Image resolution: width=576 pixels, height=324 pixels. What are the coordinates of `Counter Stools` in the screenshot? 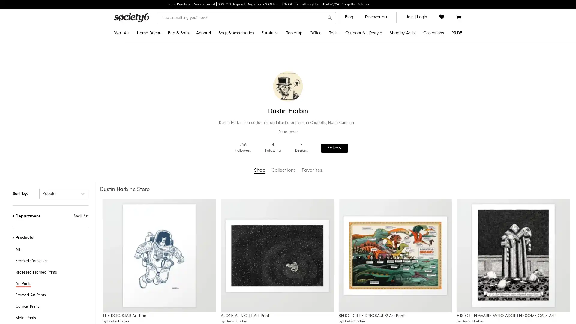 It's located at (280, 77).